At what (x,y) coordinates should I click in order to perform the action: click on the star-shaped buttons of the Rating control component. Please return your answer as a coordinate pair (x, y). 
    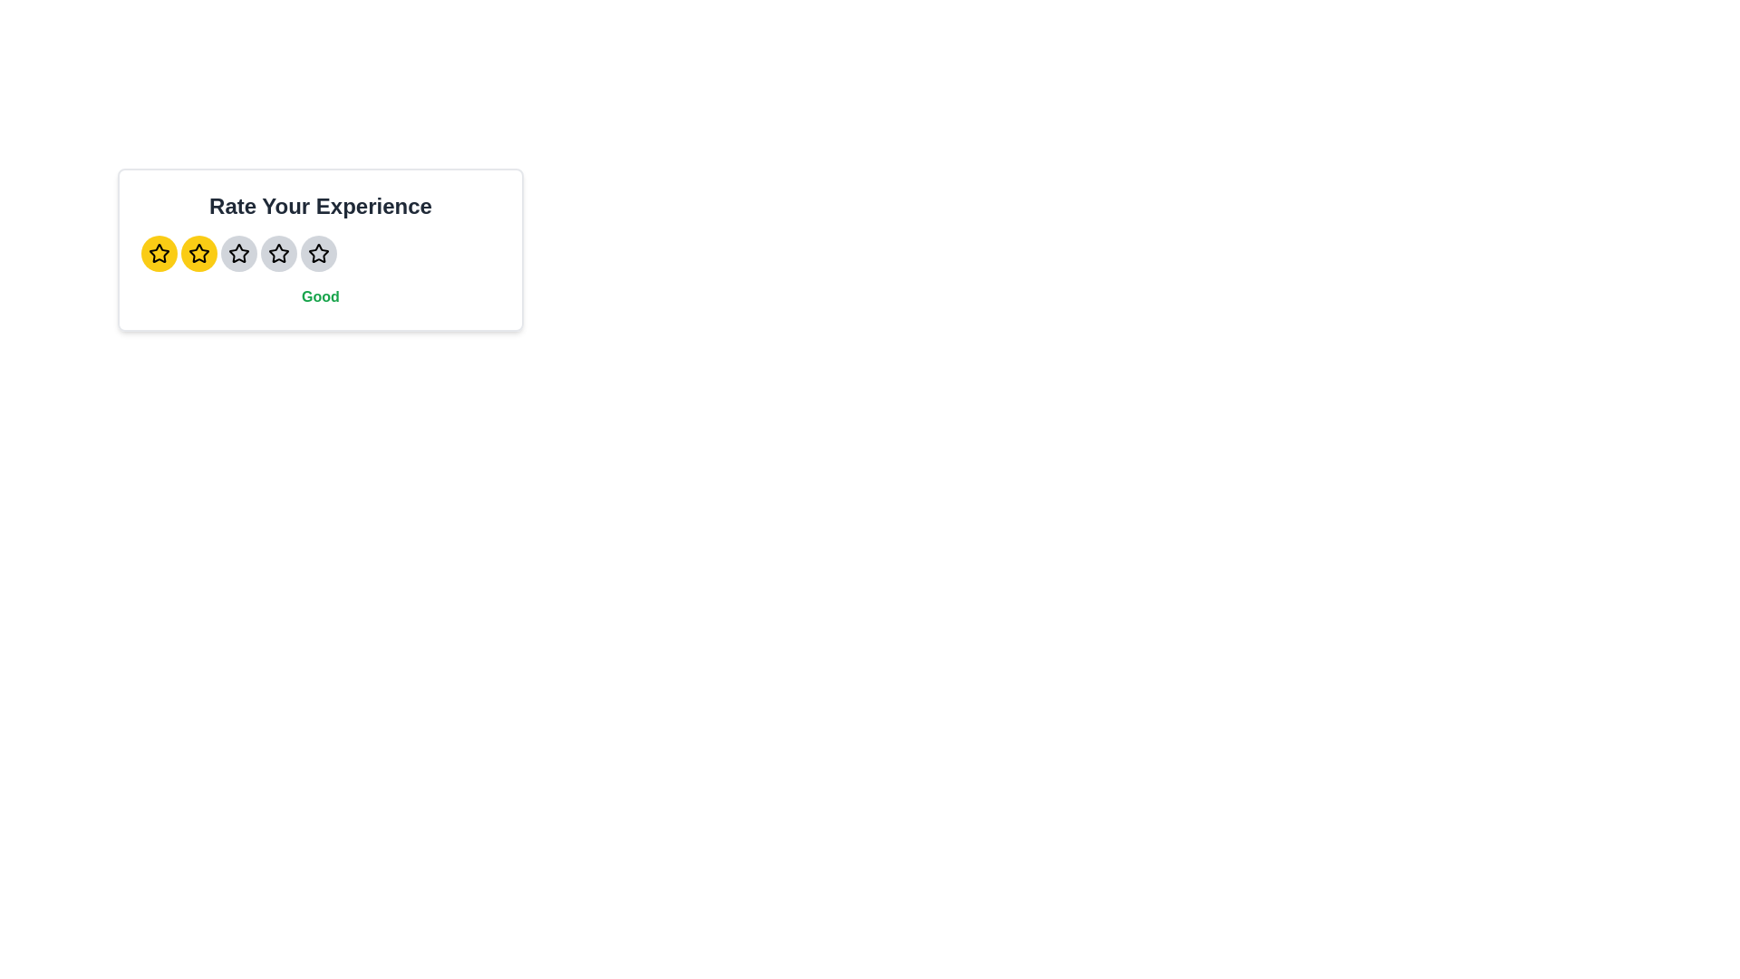
    Looking at the image, I should click on (321, 250).